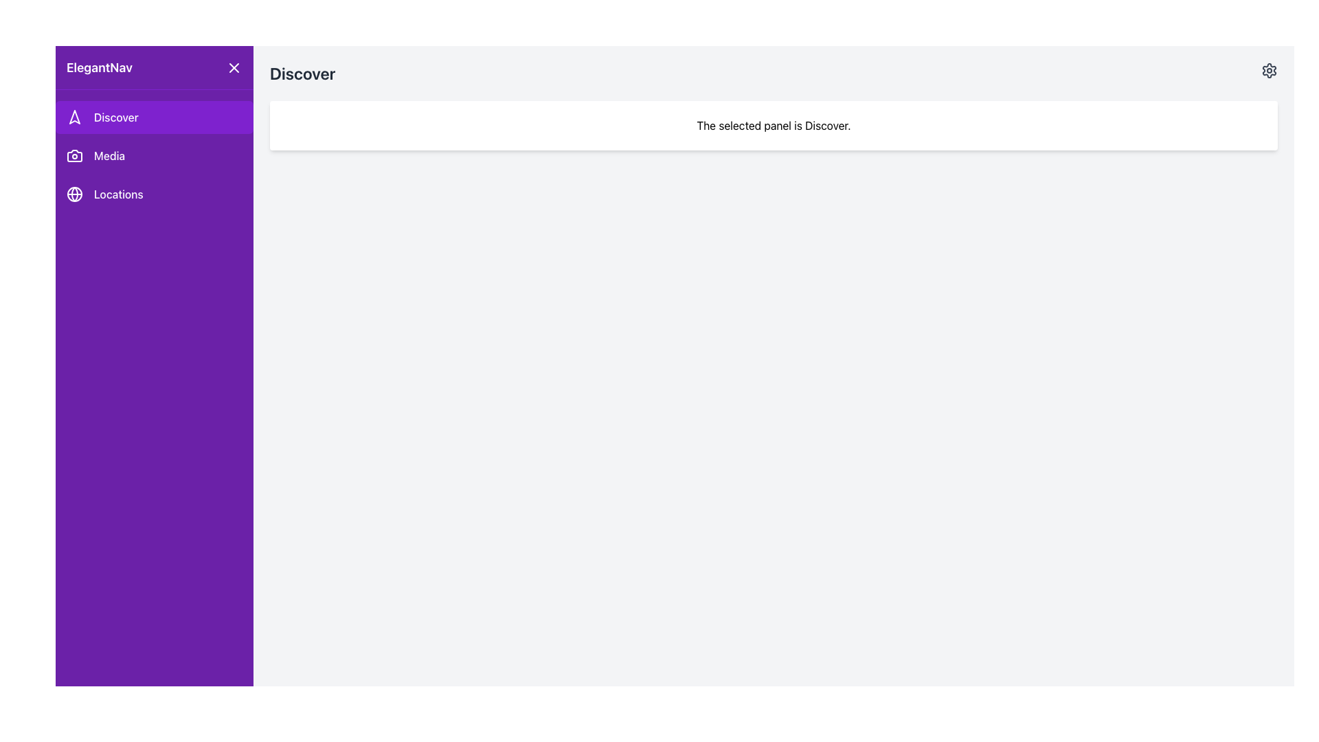  What do you see at coordinates (234, 67) in the screenshot?
I see `the close icon in the navigation bar` at bounding box center [234, 67].